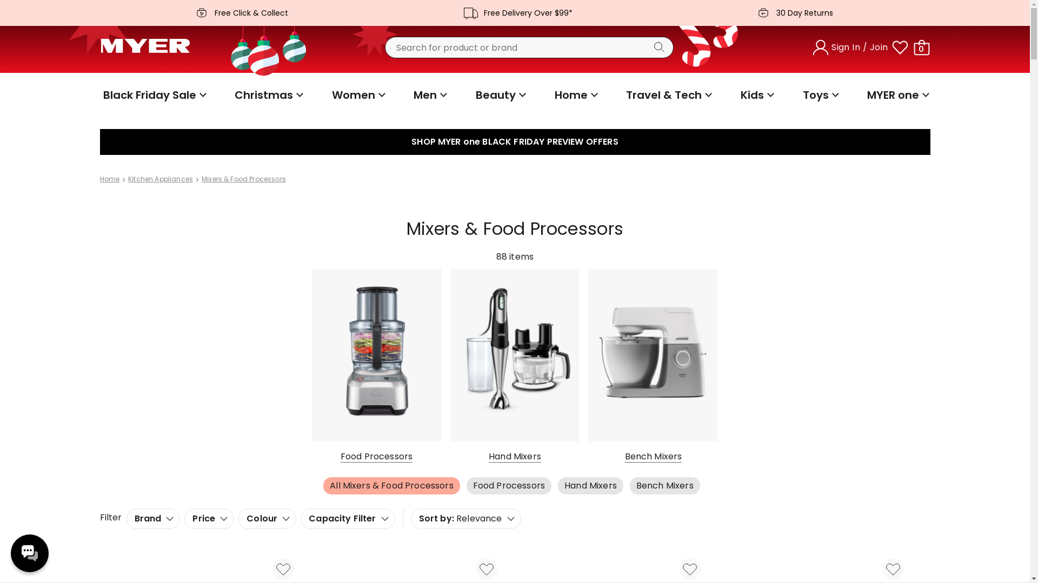 The image size is (1038, 583). What do you see at coordinates (590, 485) in the screenshot?
I see `'Hand Mixers'` at bounding box center [590, 485].